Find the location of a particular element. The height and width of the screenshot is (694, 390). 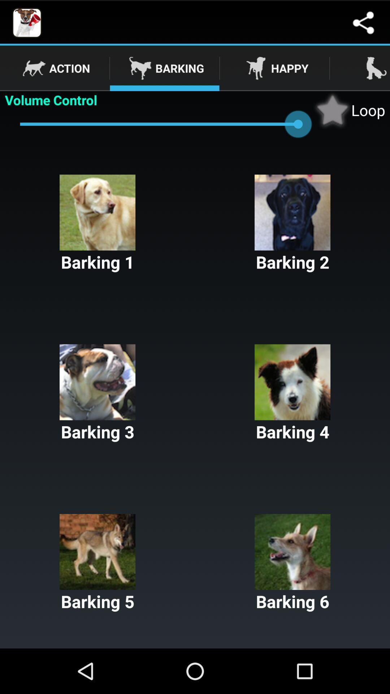

the barking 2 is located at coordinates (292, 223).